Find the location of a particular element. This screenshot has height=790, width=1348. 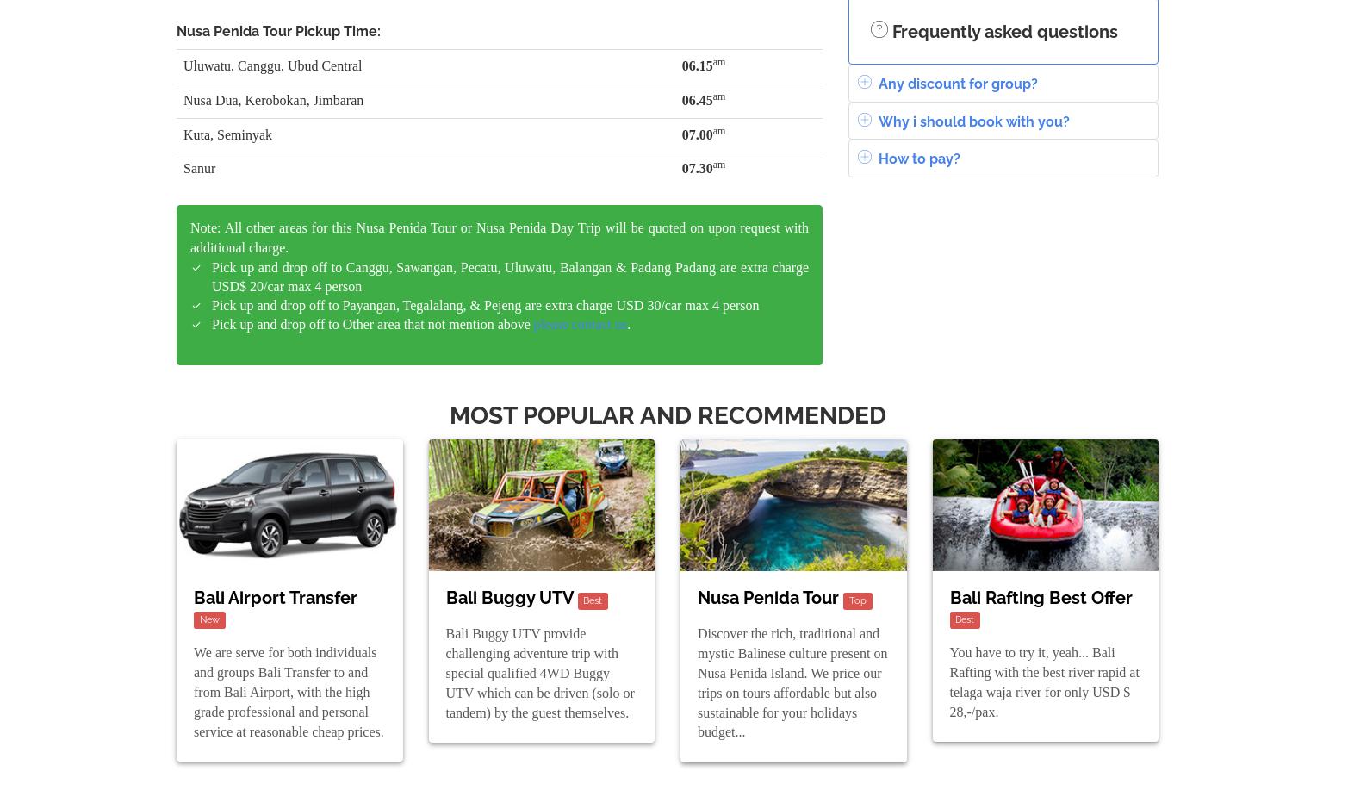

'Uluwatu, Canggu, Ubud Central' is located at coordinates (271, 64).